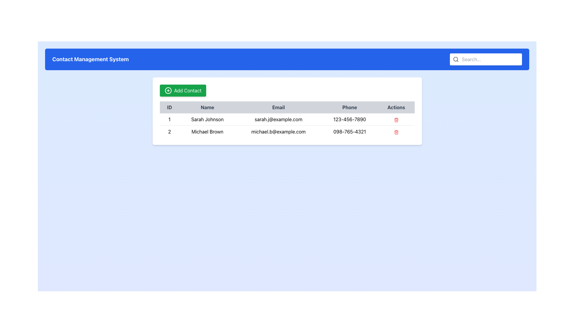 This screenshot has height=324, width=577. Describe the element at coordinates (182, 90) in the screenshot. I see `the green 'Add Contact' button located at the top-left corner of the card section above the contact entries table to initiate adding a contact` at that location.